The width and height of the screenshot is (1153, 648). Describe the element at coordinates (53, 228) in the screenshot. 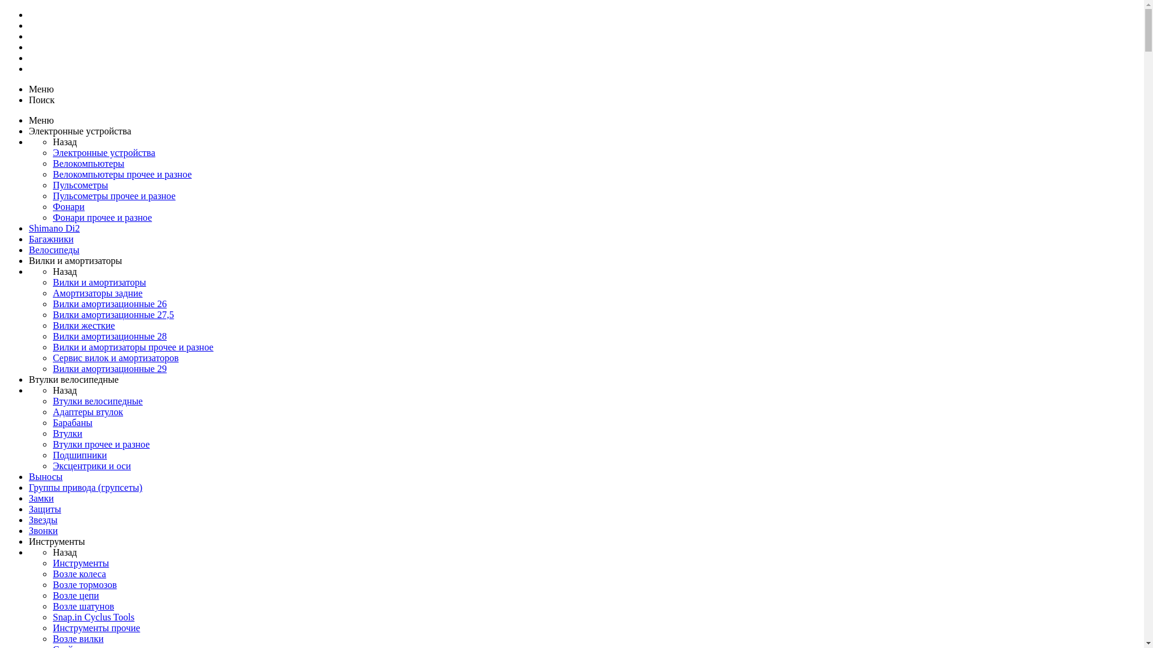

I see `'Shimano Di2'` at that location.